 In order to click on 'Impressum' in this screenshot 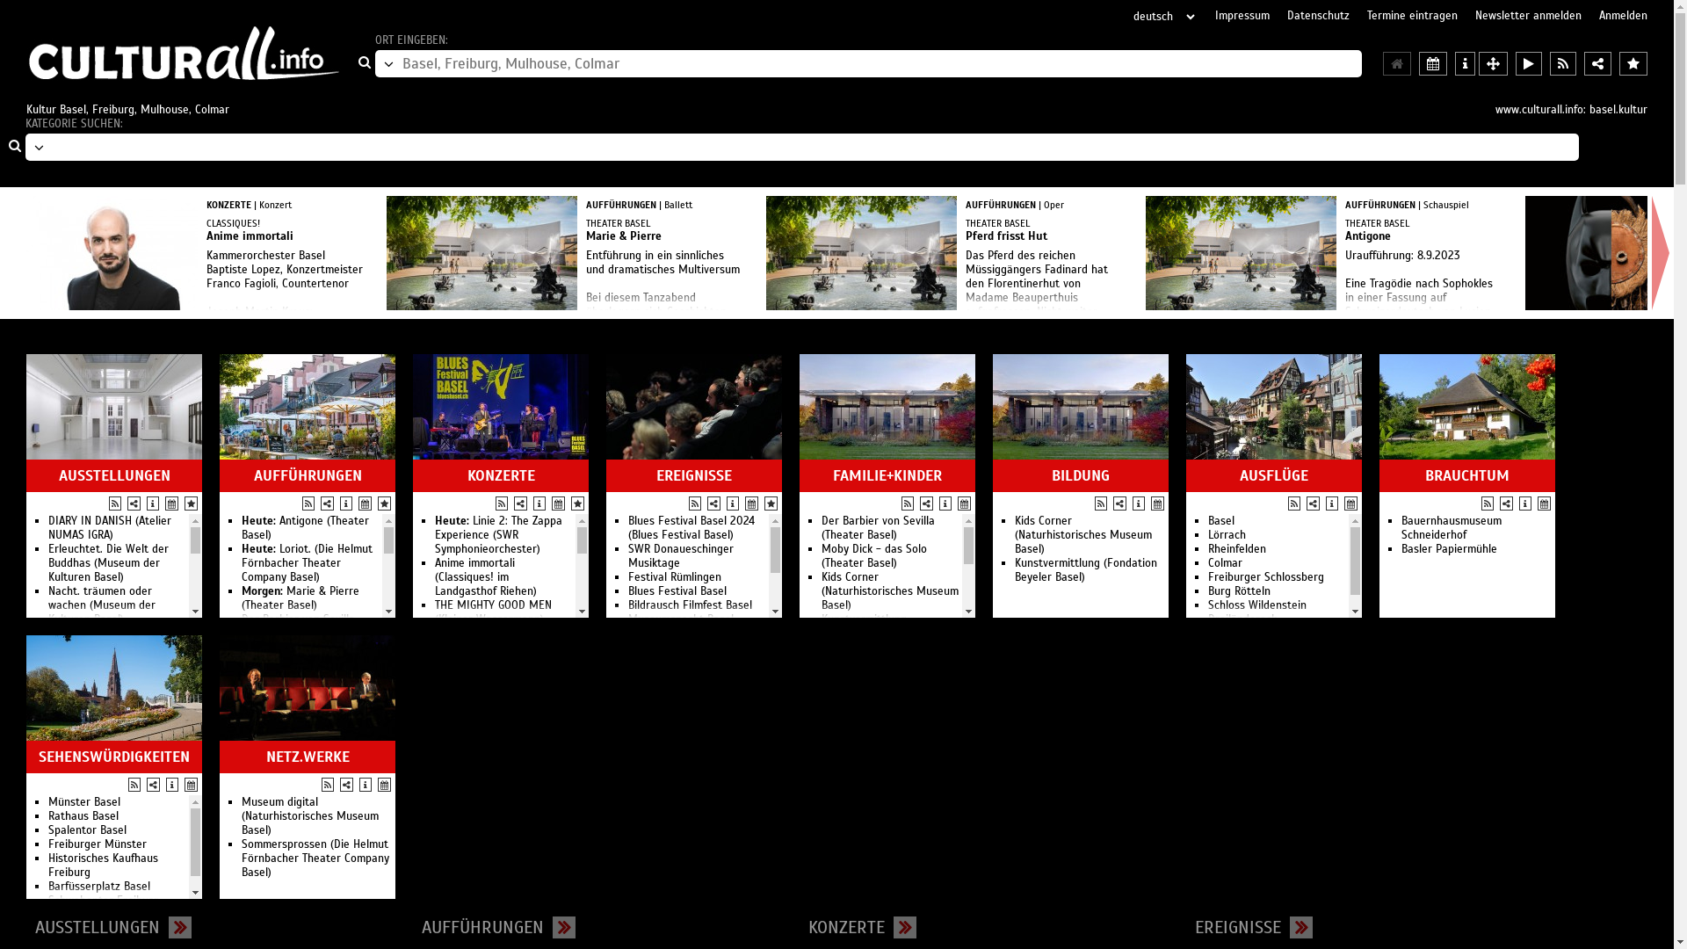, I will do `click(1242, 17)`.